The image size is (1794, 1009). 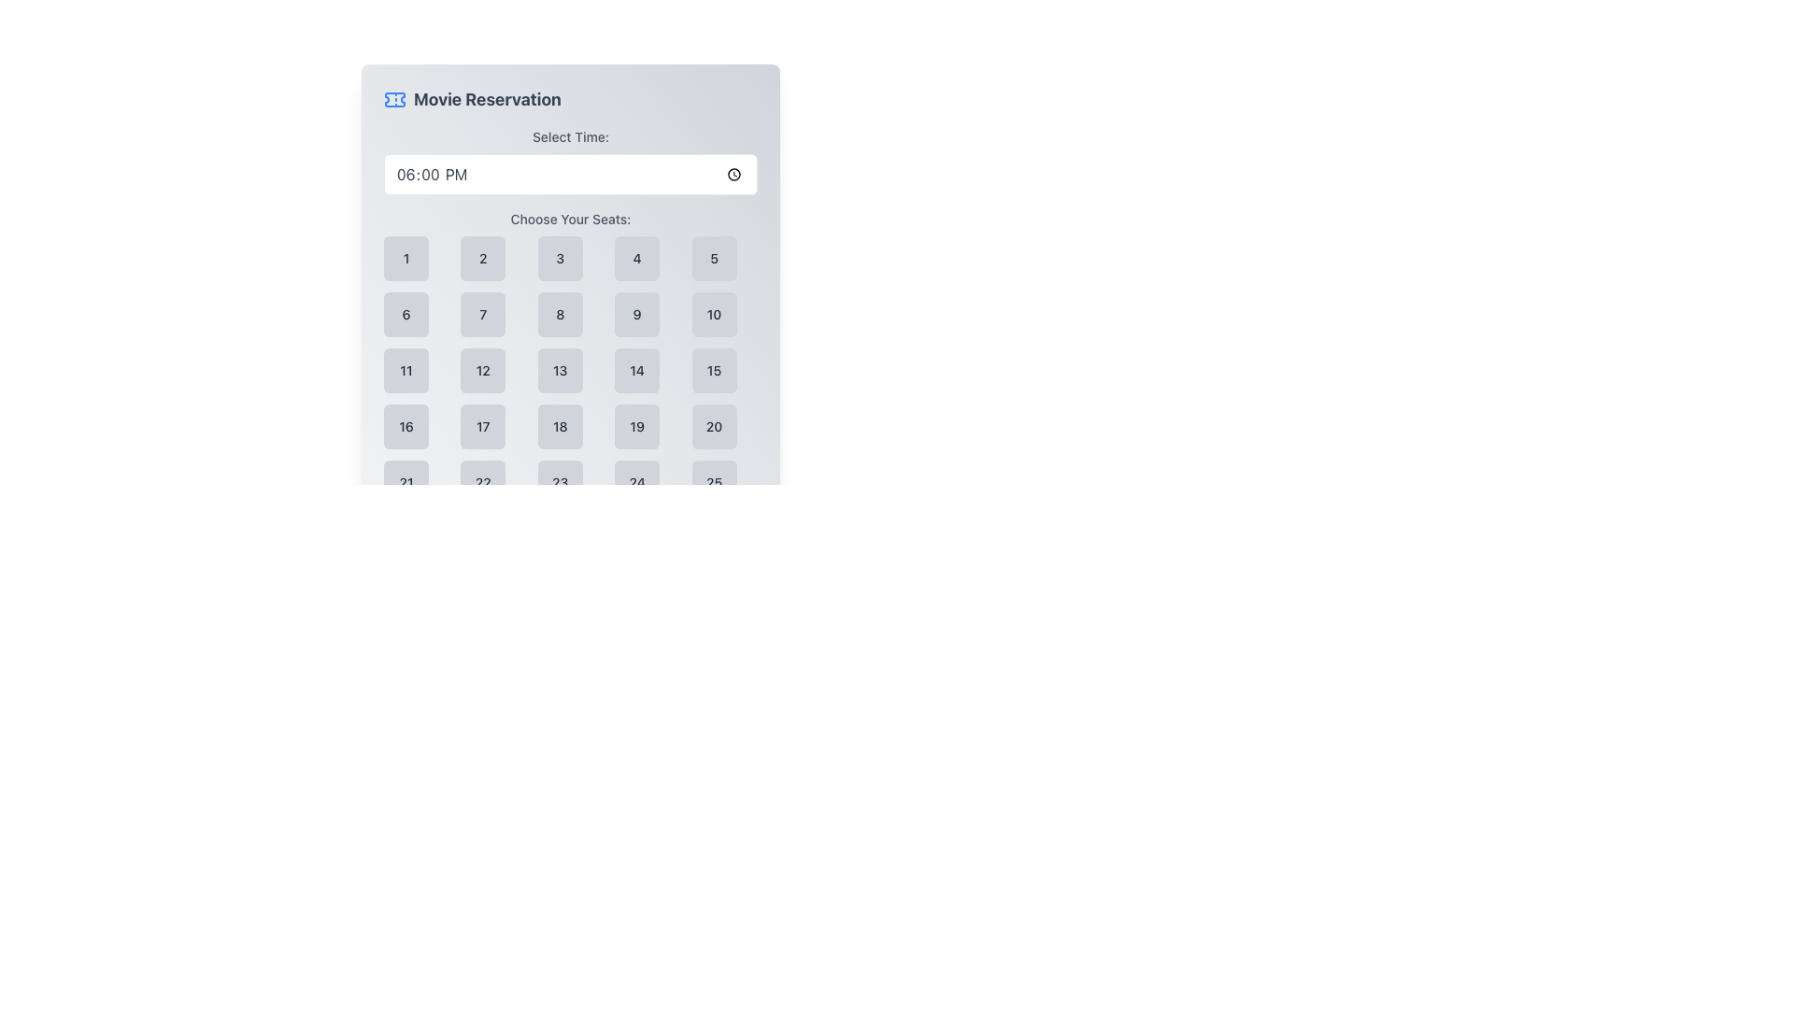 What do you see at coordinates (569, 357) in the screenshot?
I see `the button labeled '13' in the center of the grid` at bounding box center [569, 357].